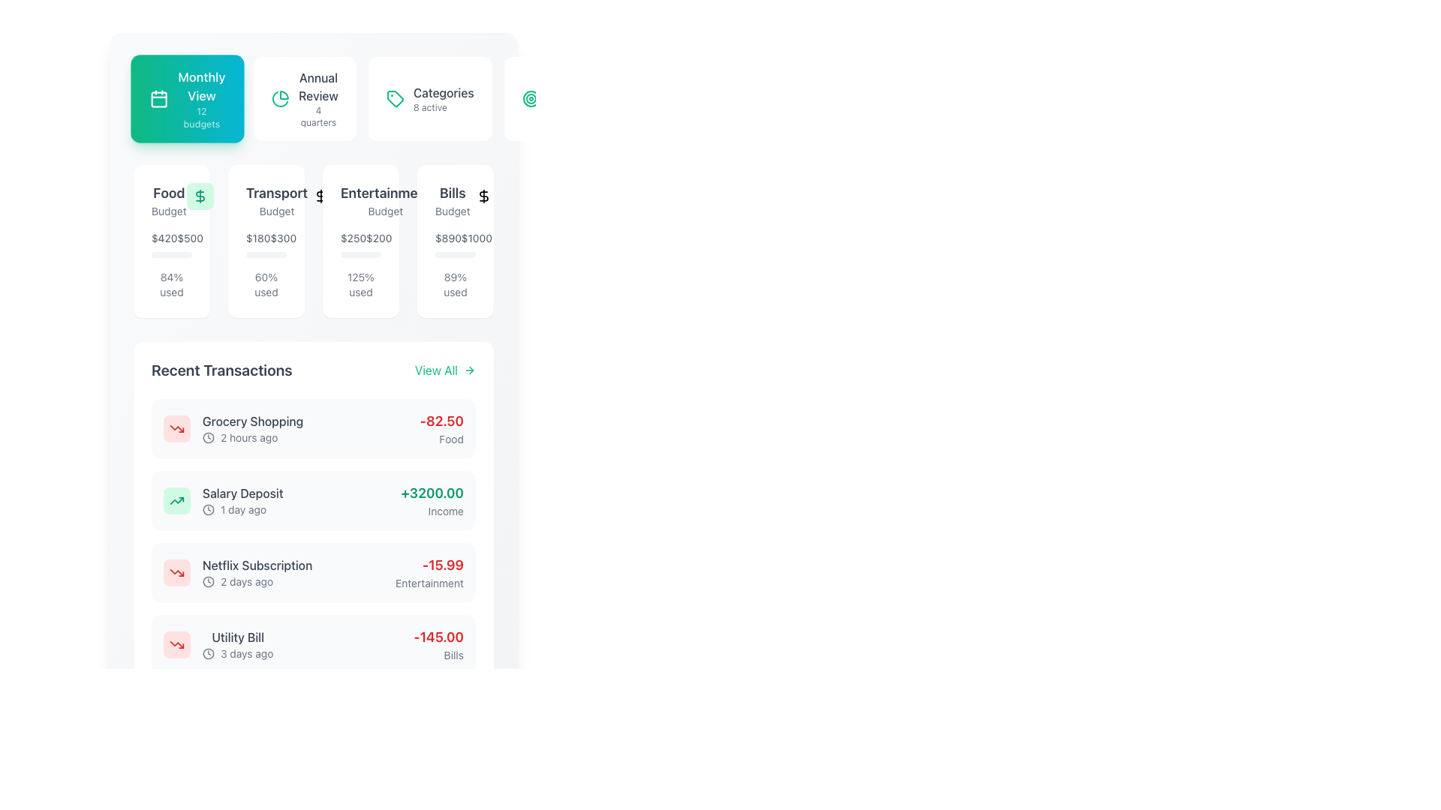  Describe the element at coordinates (312, 644) in the screenshot. I see `the 'Utility Bill' transaction card located in the 'Recent Transactions' section` at that location.